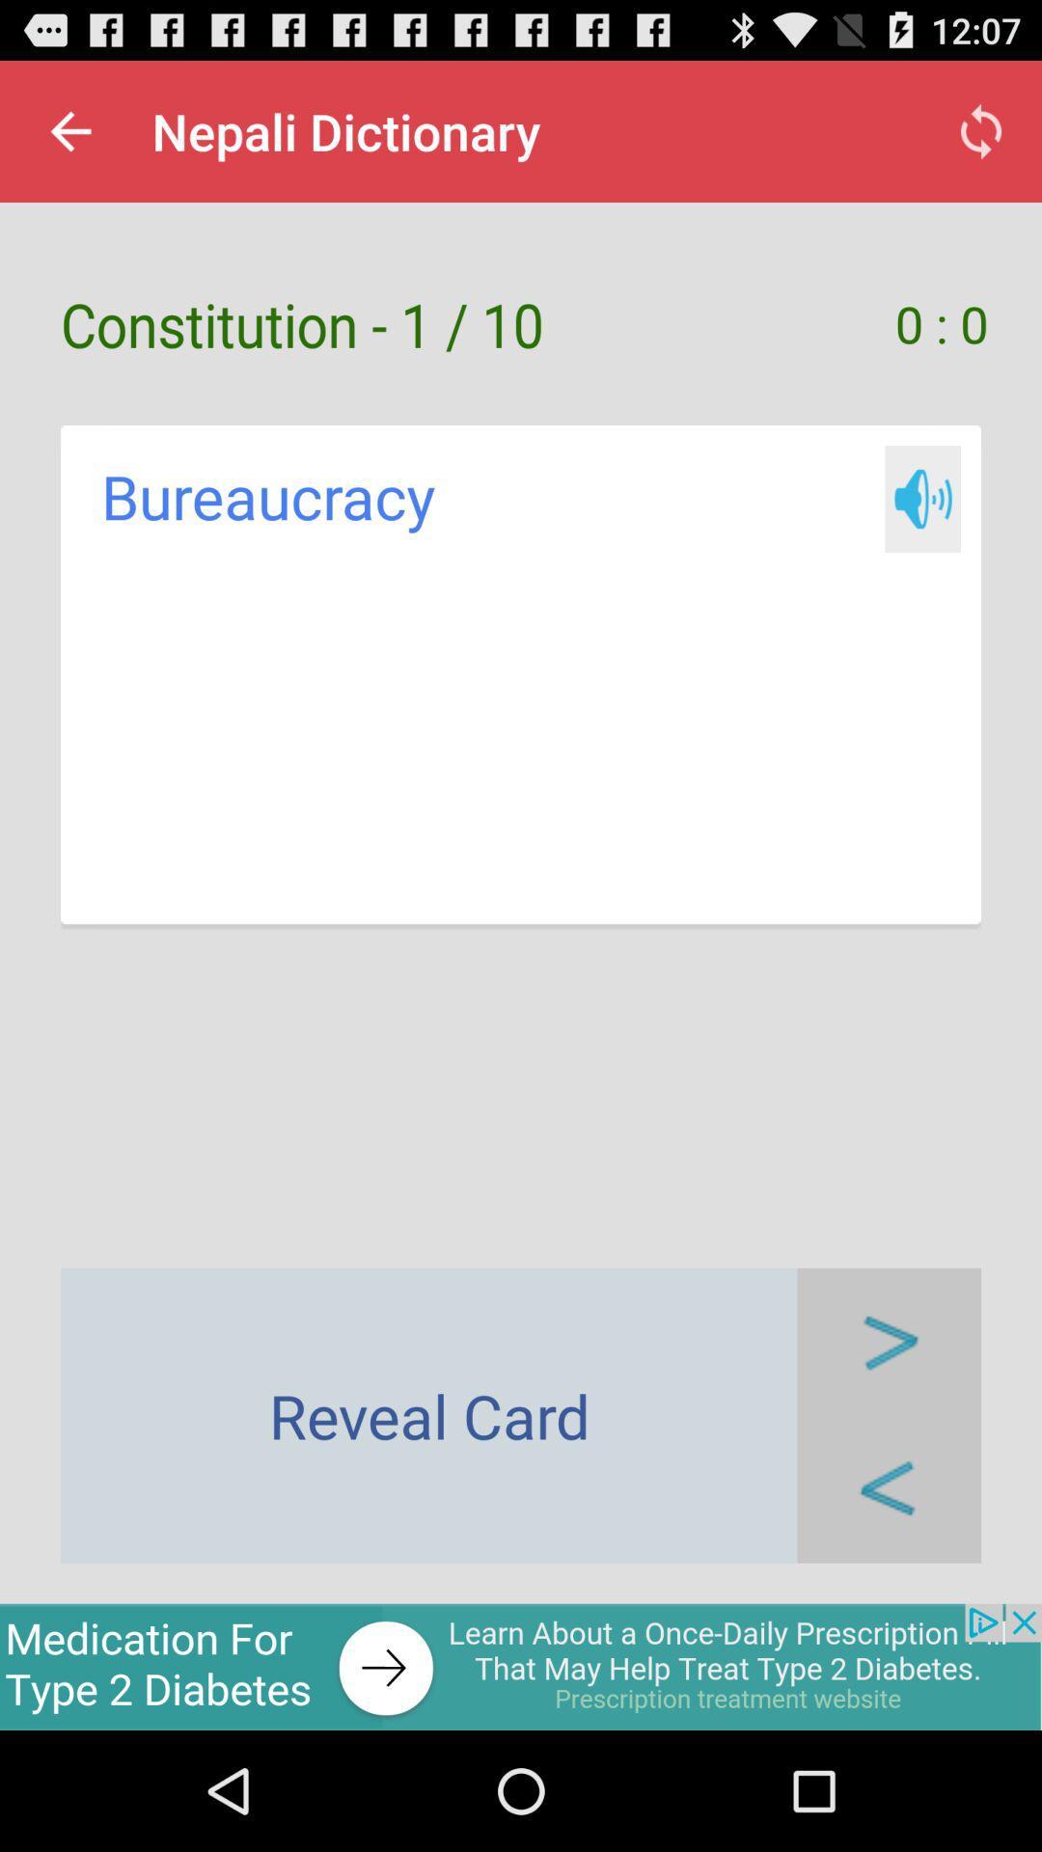  I want to click on next option, so click(889, 1341).